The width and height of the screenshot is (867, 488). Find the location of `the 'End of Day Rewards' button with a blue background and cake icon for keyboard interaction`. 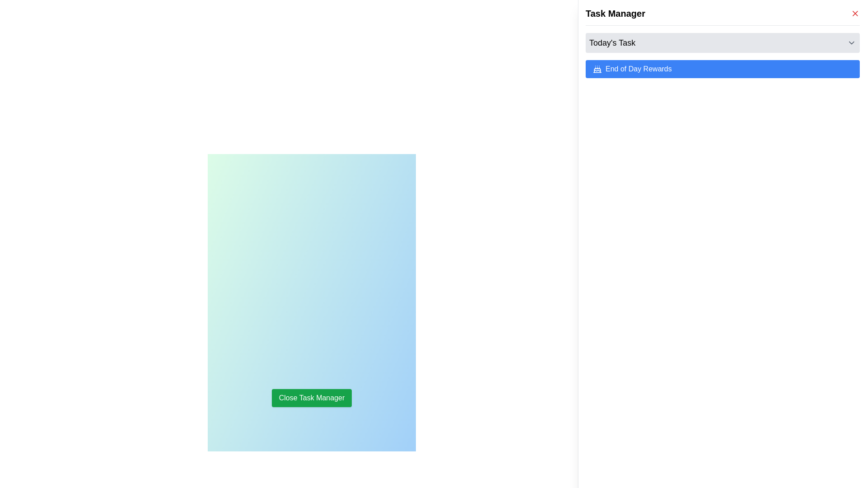

the 'End of Day Rewards' button with a blue background and cake icon for keyboard interaction is located at coordinates (722, 69).